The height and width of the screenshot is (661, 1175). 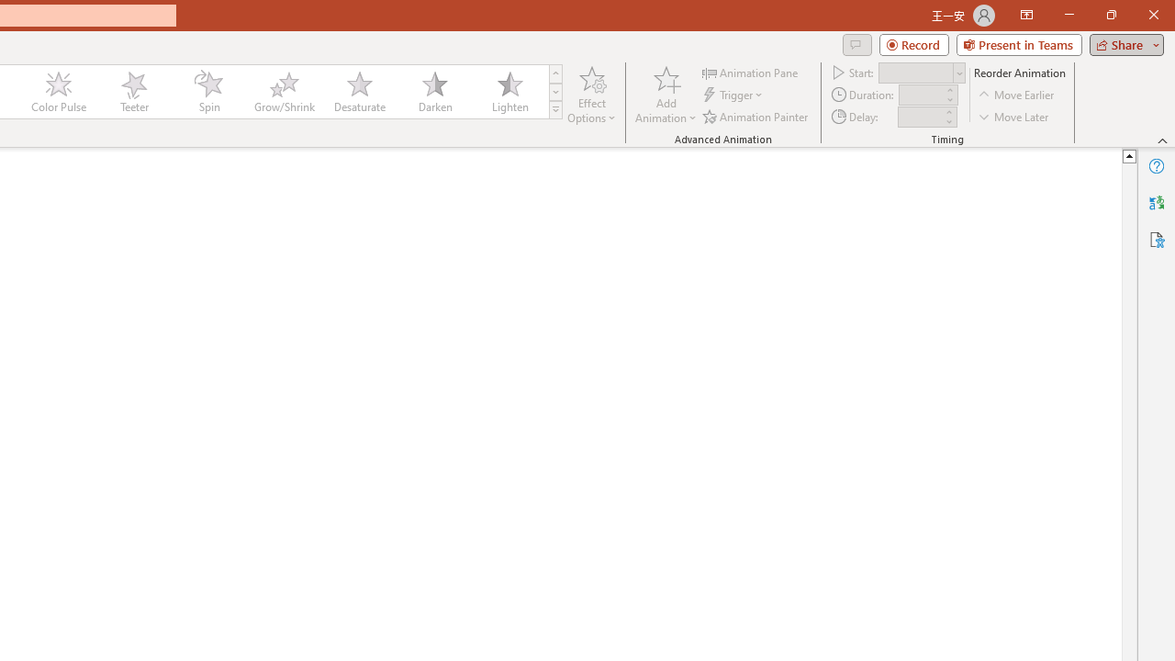 I want to click on 'Desaturate', so click(x=359, y=92).